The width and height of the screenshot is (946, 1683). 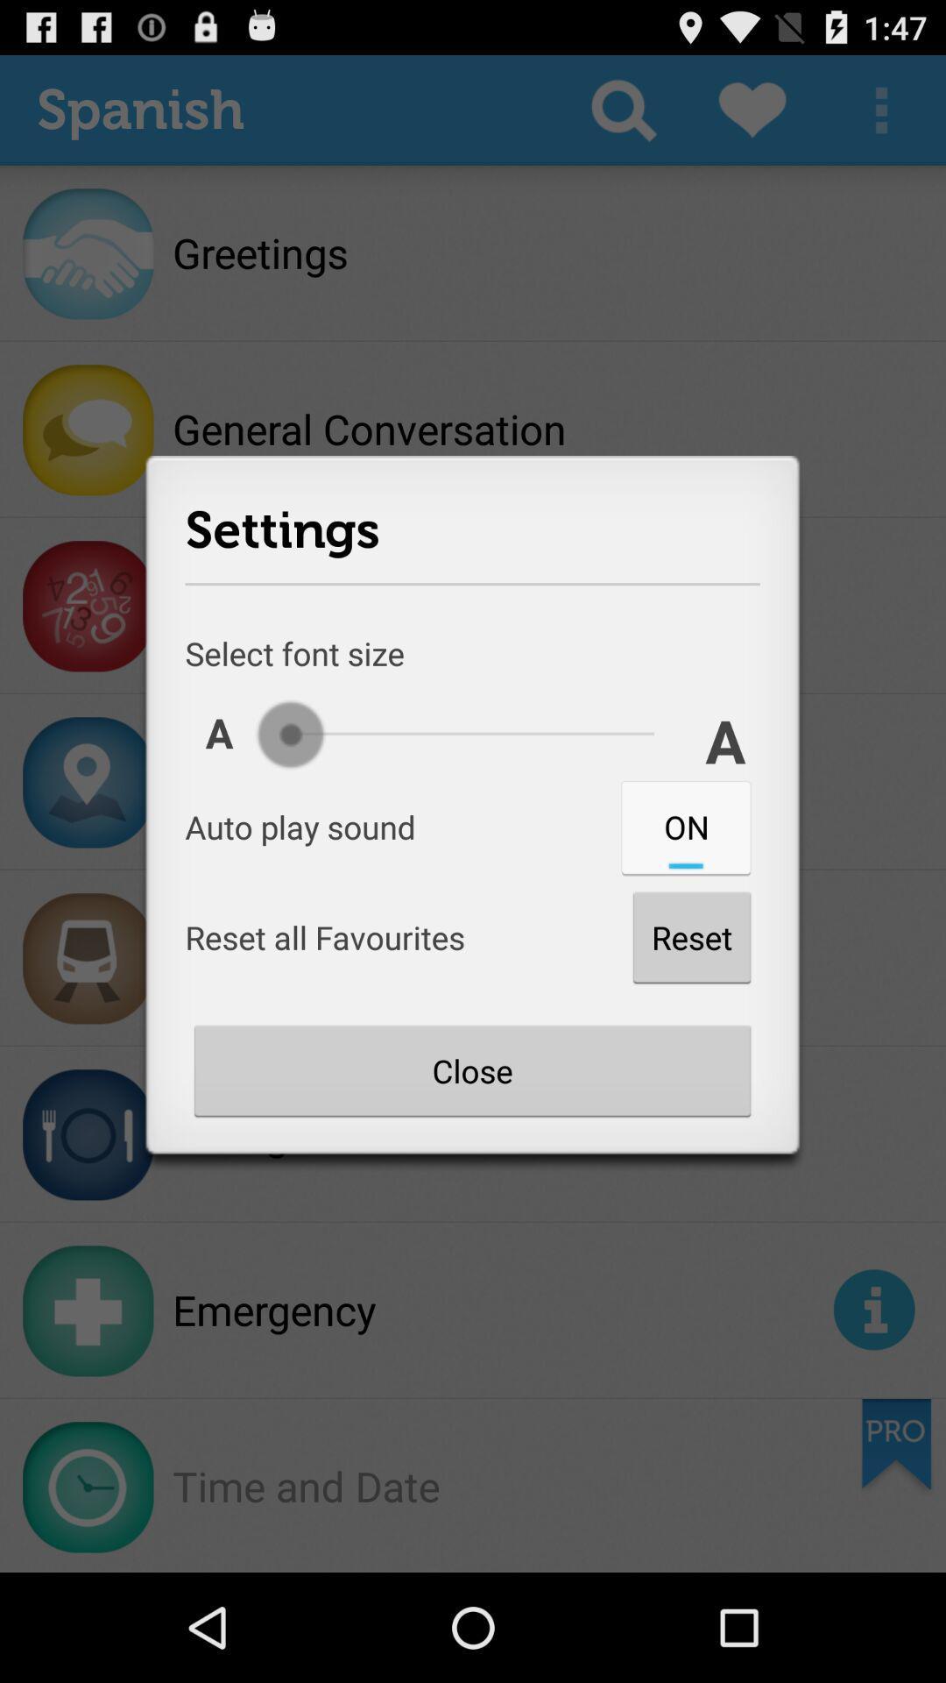 I want to click on button below the reset item, so click(x=471, y=1069).